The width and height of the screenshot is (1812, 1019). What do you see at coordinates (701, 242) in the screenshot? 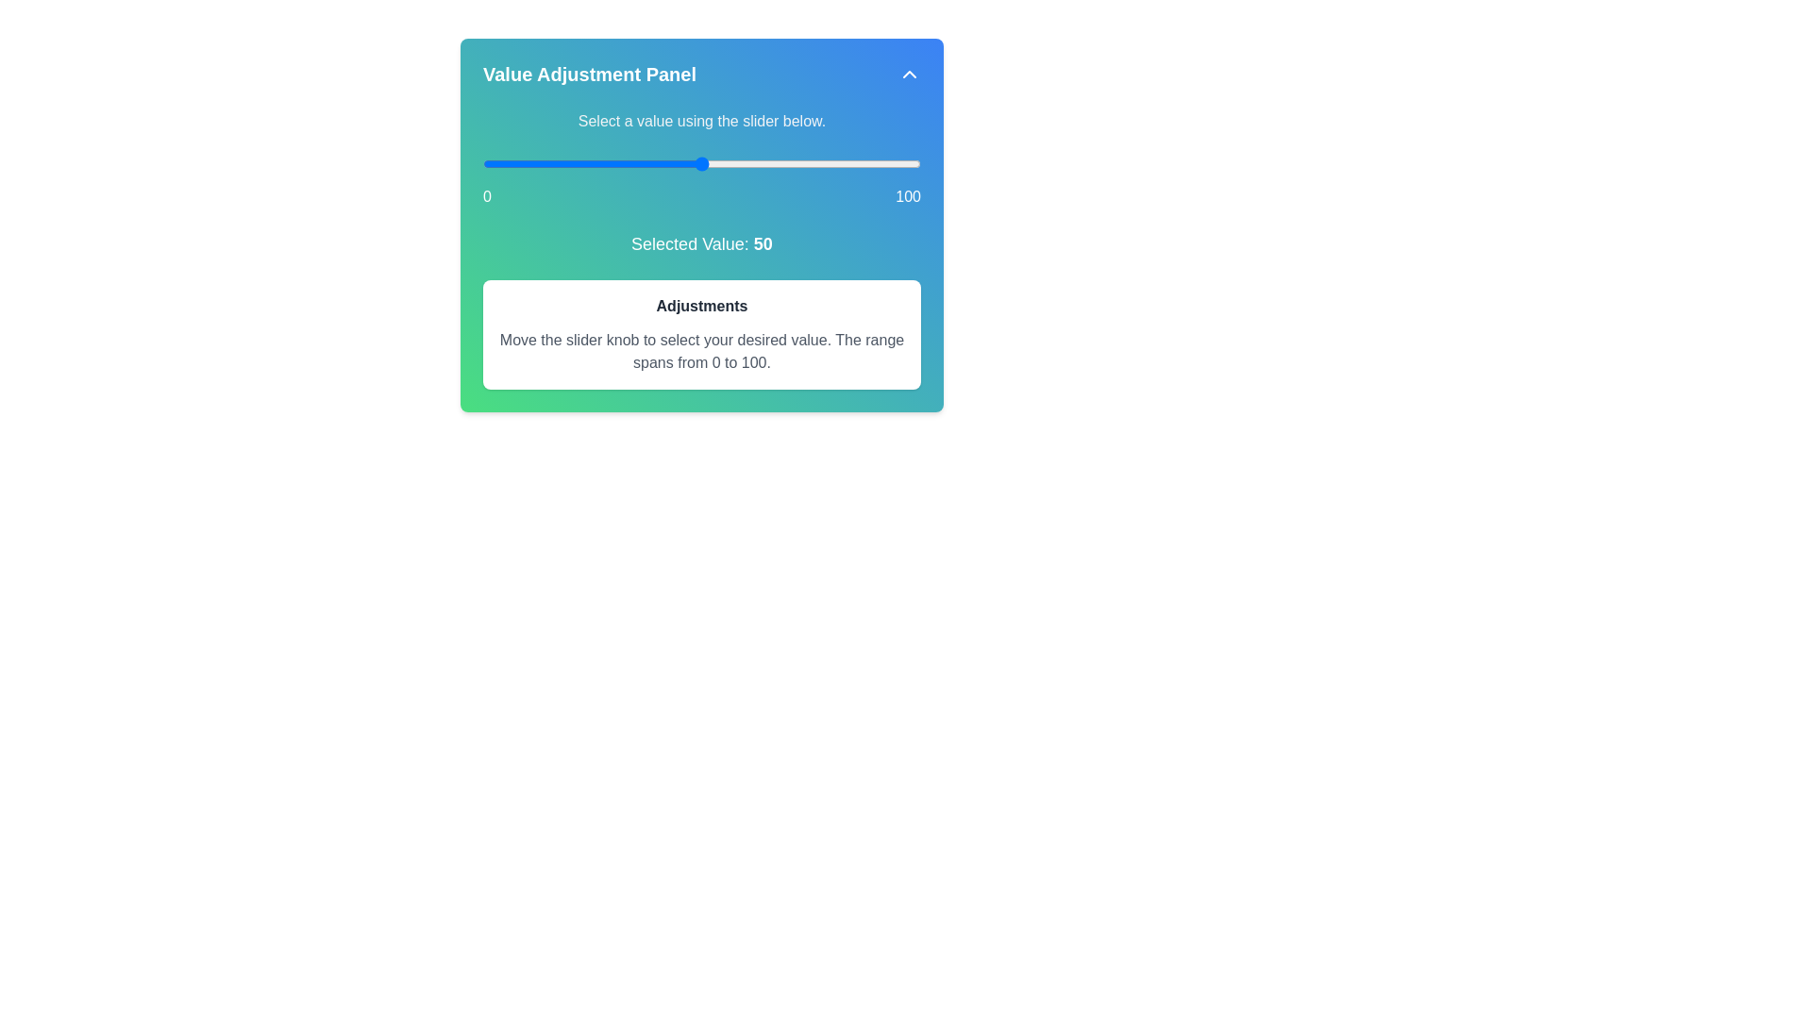
I see `the static text display showing 'Selected Value: 50', which is styled in large, bold white text and positioned in the center of the 'Value Adjustment Panel', below the slider component` at bounding box center [701, 242].